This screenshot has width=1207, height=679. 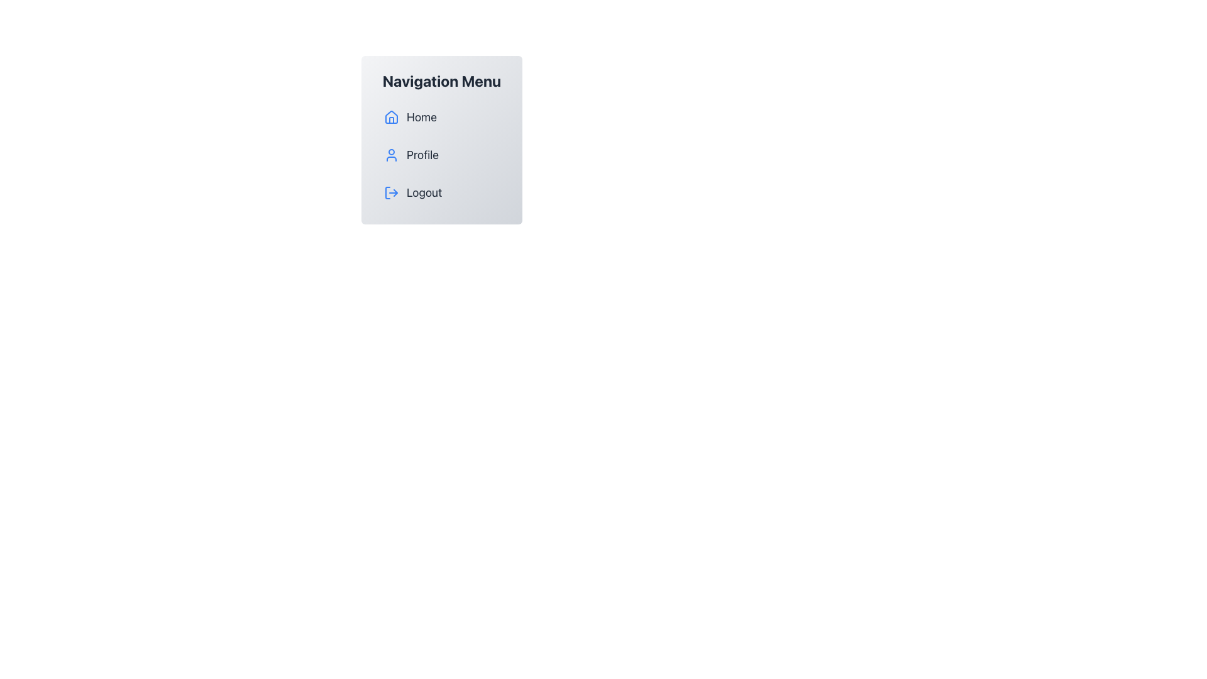 I want to click on the blue house icon located in the navigation menu labeled 'Home', positioned to the left of the text label 'Home', so click(x=391, y=117).